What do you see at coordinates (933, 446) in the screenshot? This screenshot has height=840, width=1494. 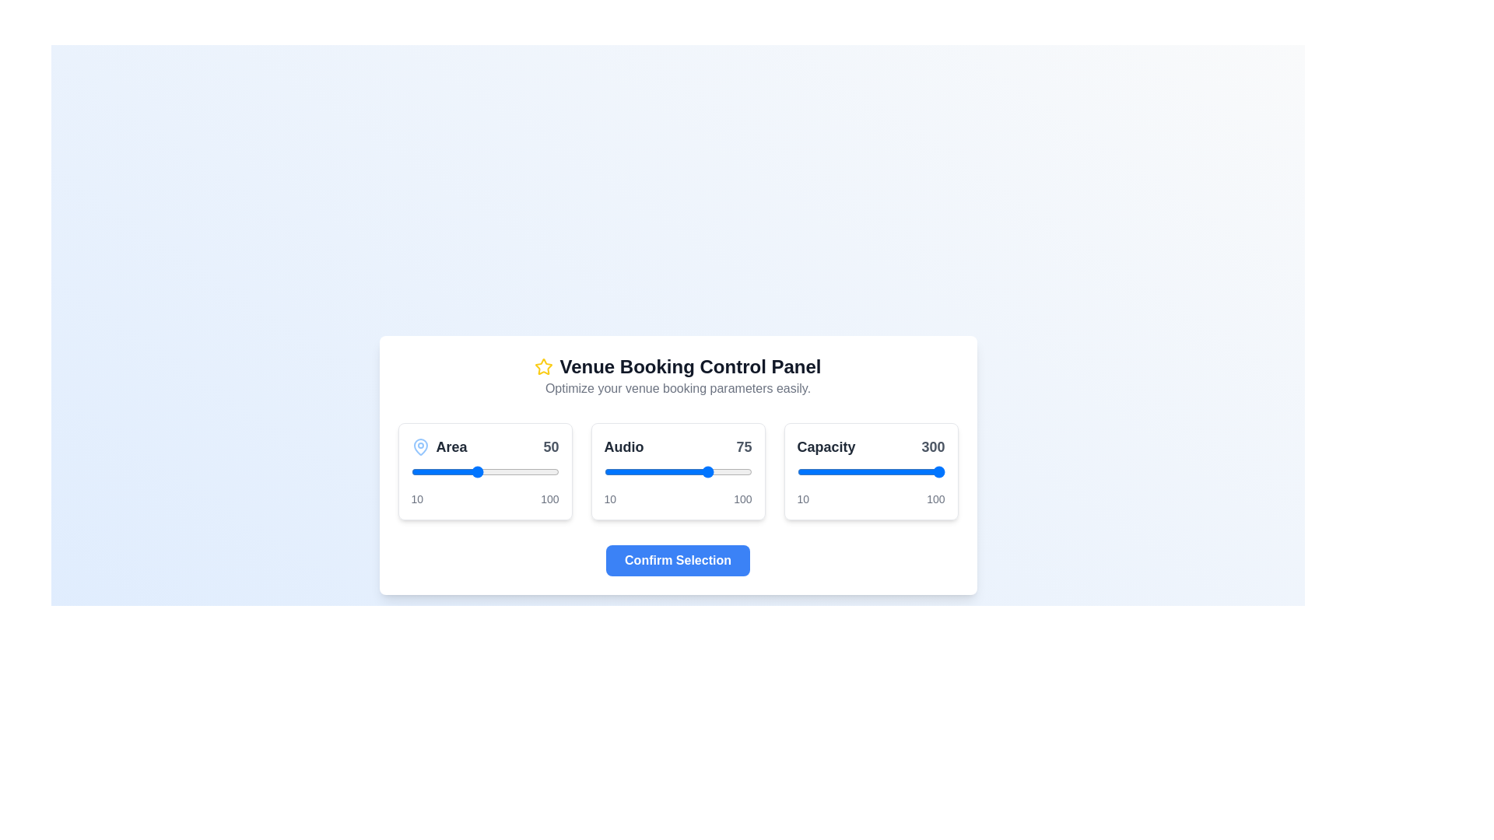 I see `the numeric text label displaying '300' in gray color, located at the far-right end of the 'Capacity' section` at bounding box center [933, 446].